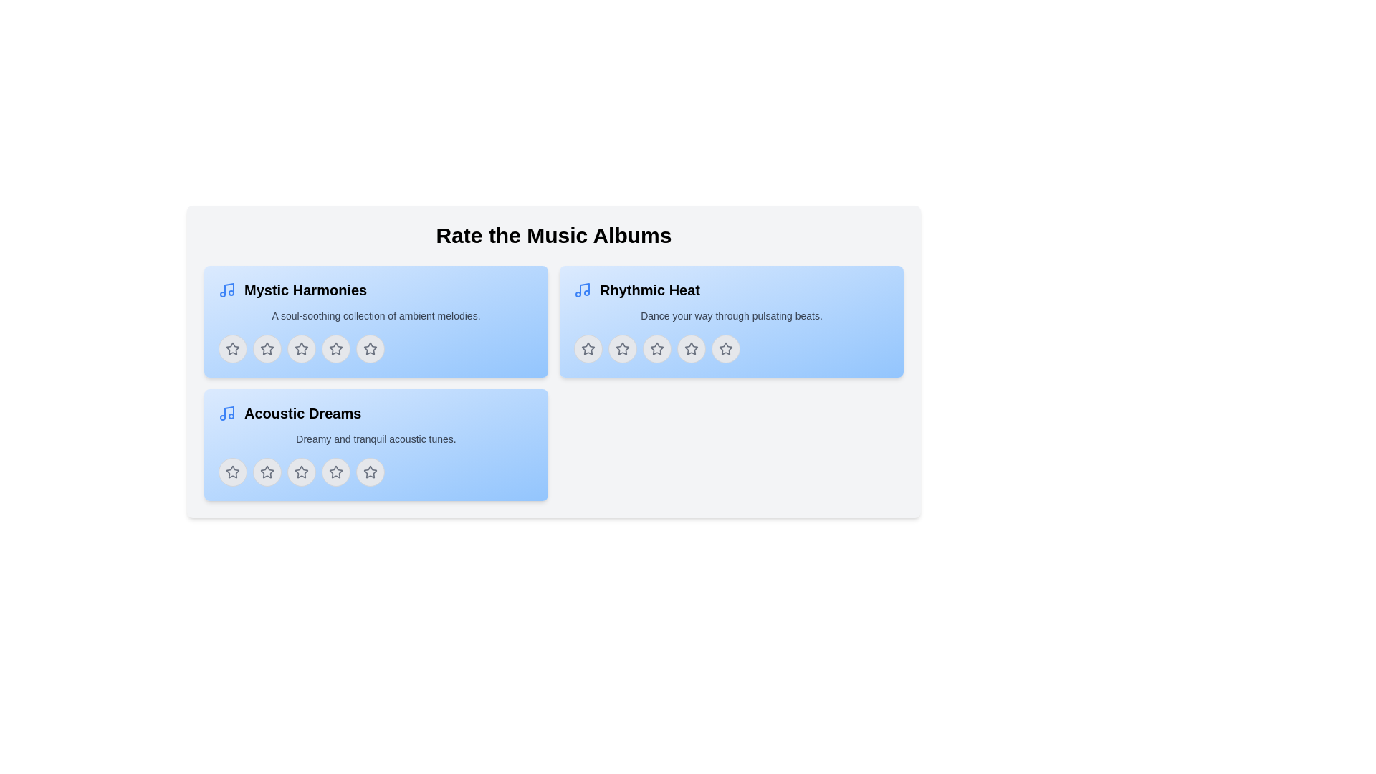  Describe the element at coordinates (732, 320) in the screenshot. I see `the stars for rating on the 'Rhythmic Heat' album card located in the top-right section of the grid layout` at that location.